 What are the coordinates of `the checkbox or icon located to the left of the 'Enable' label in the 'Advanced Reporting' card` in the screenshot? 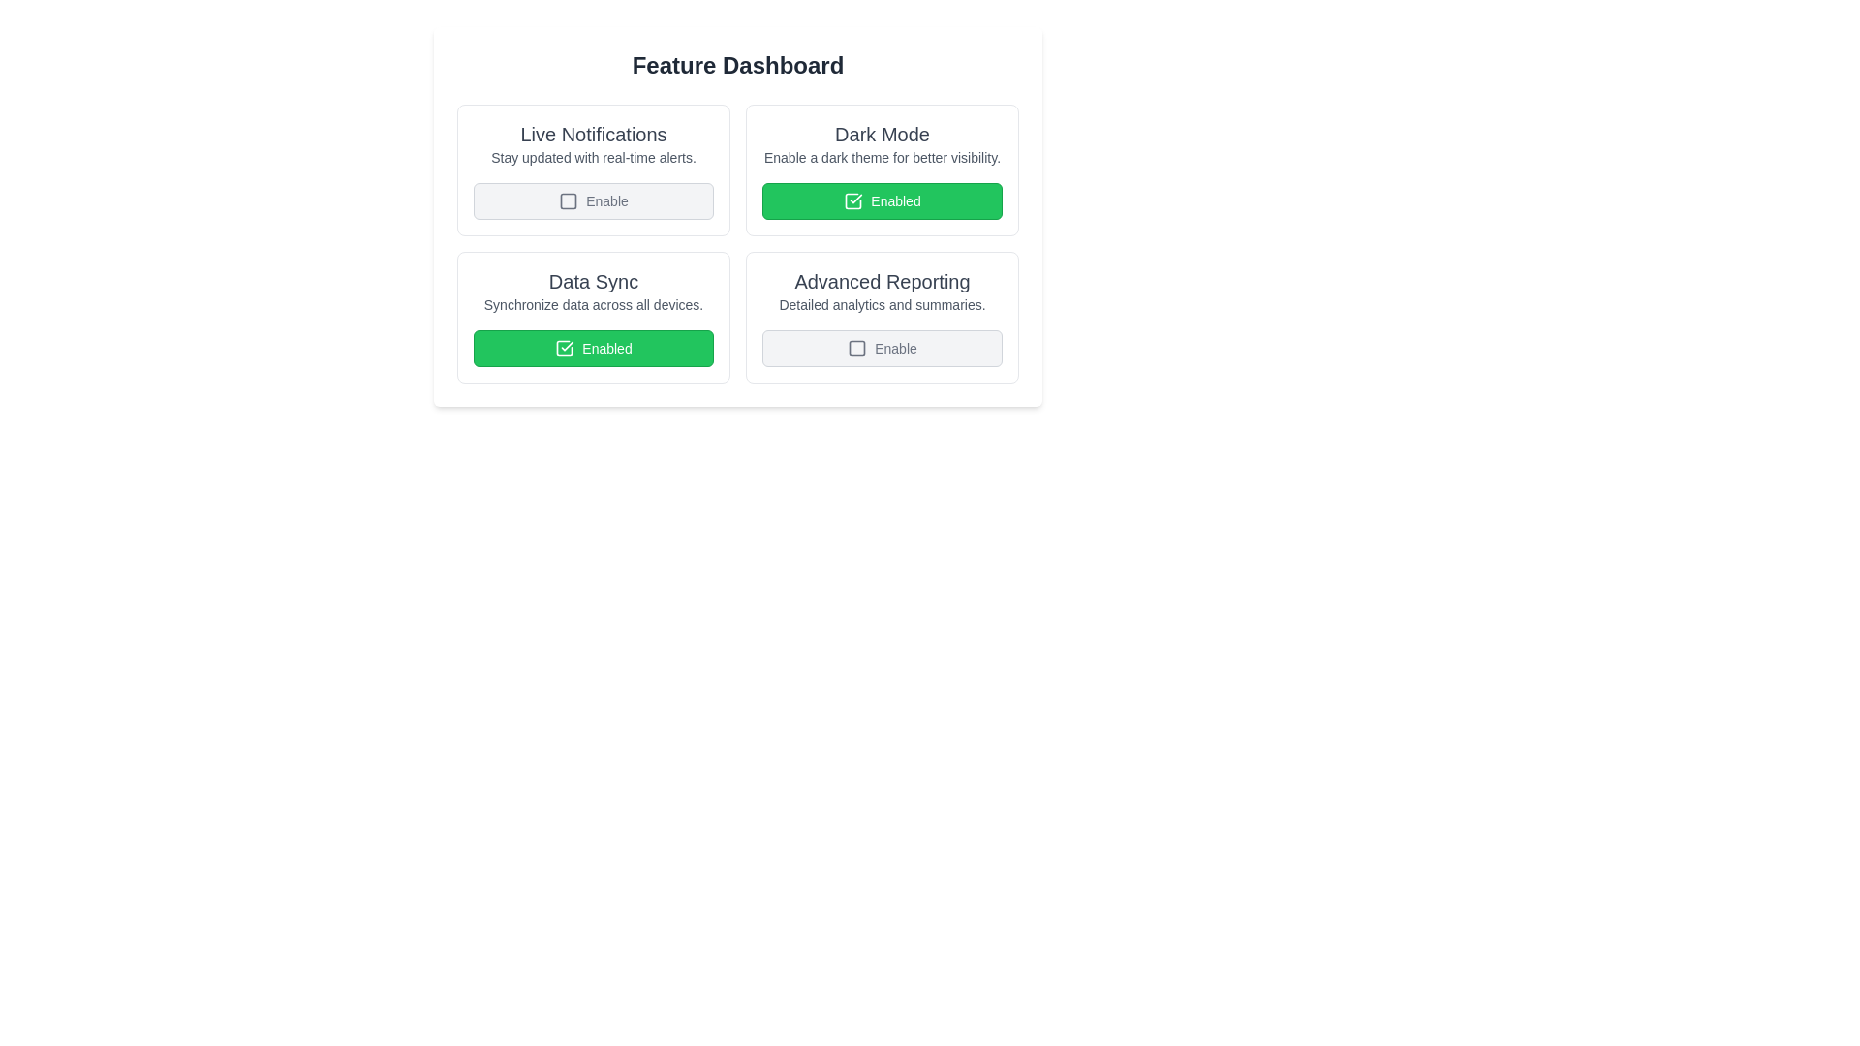 It's located at (856, 347).